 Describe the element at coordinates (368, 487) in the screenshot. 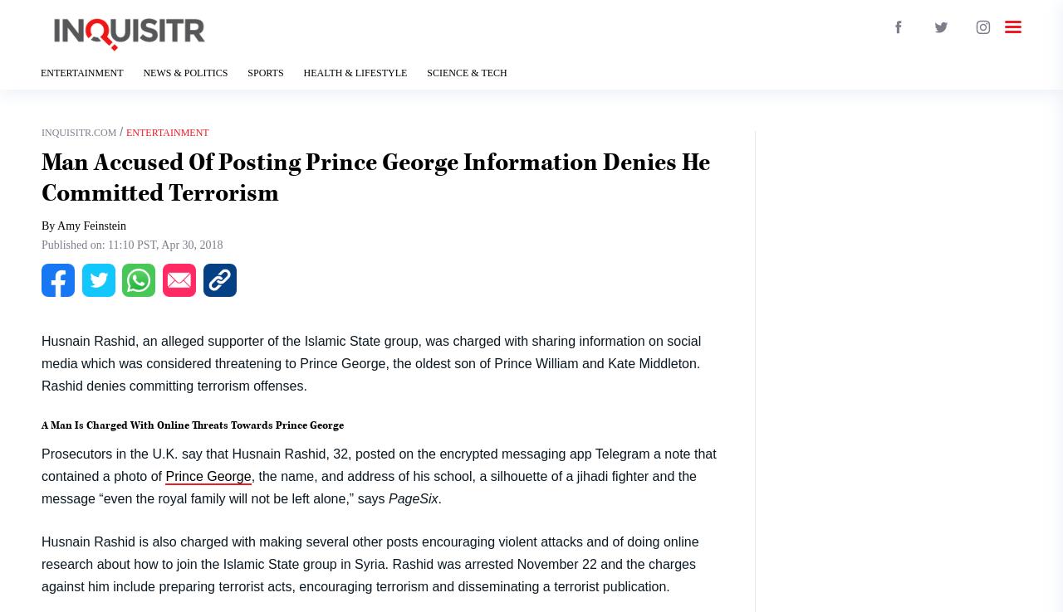

I see `', the name, and address of his school, a silhouette of a jihadi fighter and the message “even the royal family will not be left alone,” says'` at that location.